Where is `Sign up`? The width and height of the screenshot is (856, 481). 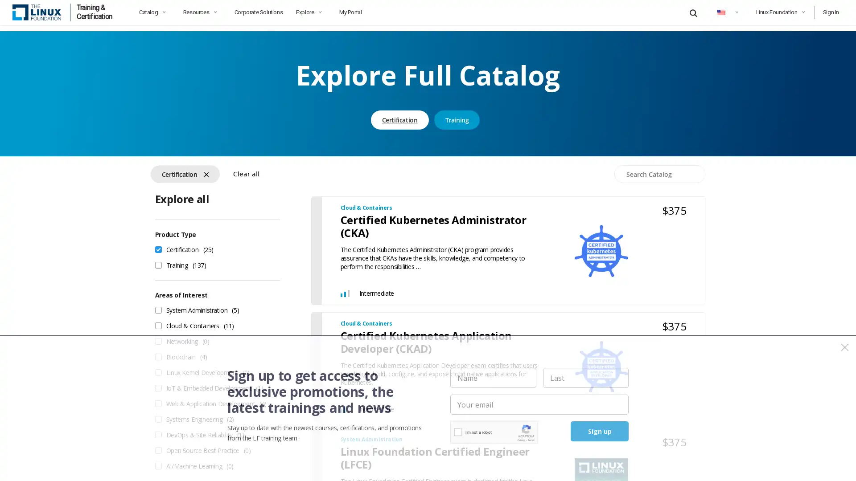
Sign up is located at coordinates (599, 431).